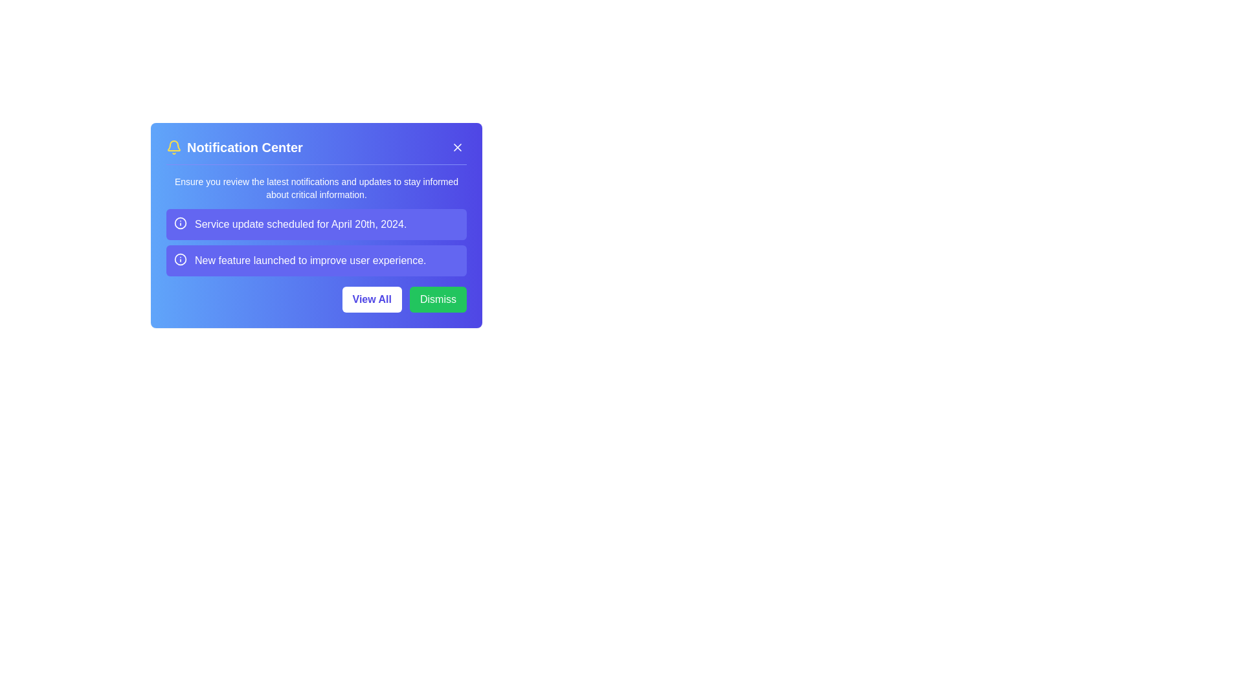 The image size is (1243, 699). I want to click on the 'View All' button, which is a rectangular button with bold indigo-blue text on a white background, located in the bottom-right area of the Notification Center interface, so click(371, 299).